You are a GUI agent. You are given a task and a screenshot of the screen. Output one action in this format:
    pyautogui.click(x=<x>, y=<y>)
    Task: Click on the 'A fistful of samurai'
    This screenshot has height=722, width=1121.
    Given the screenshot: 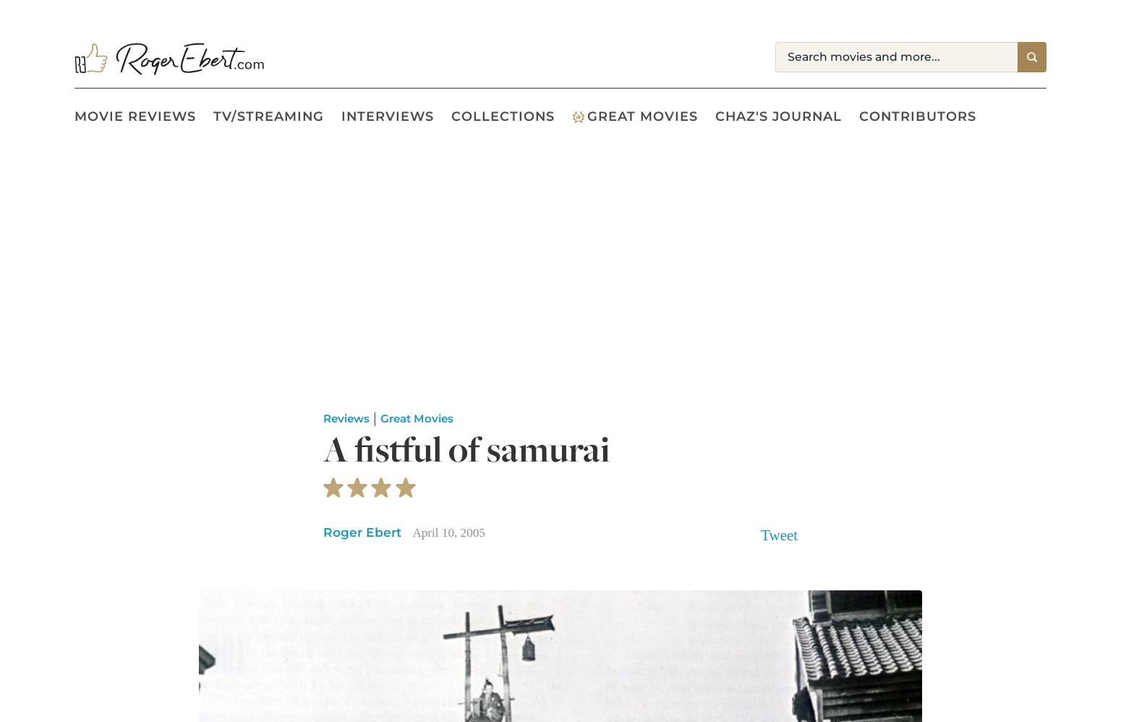 What is the action you would take?
    pyautogui.click(x=465, y=449)
    